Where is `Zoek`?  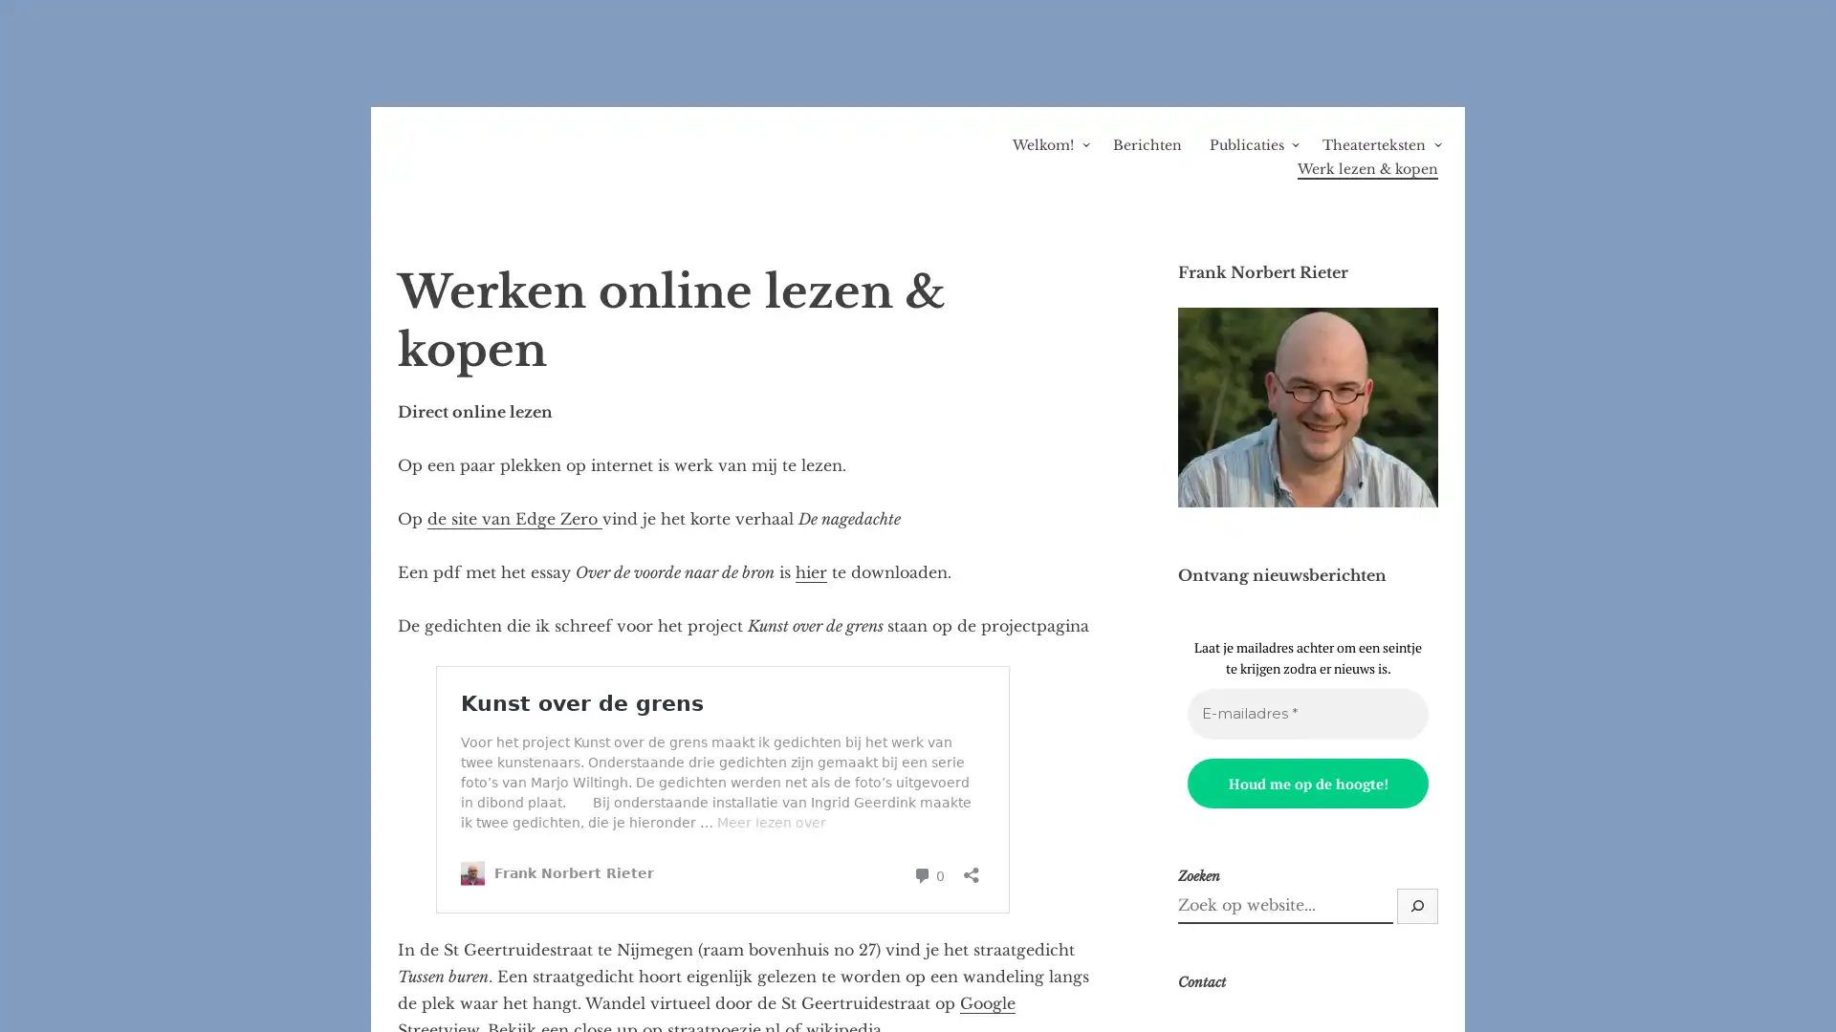
Zoek is located at coordinates (1417, 904).